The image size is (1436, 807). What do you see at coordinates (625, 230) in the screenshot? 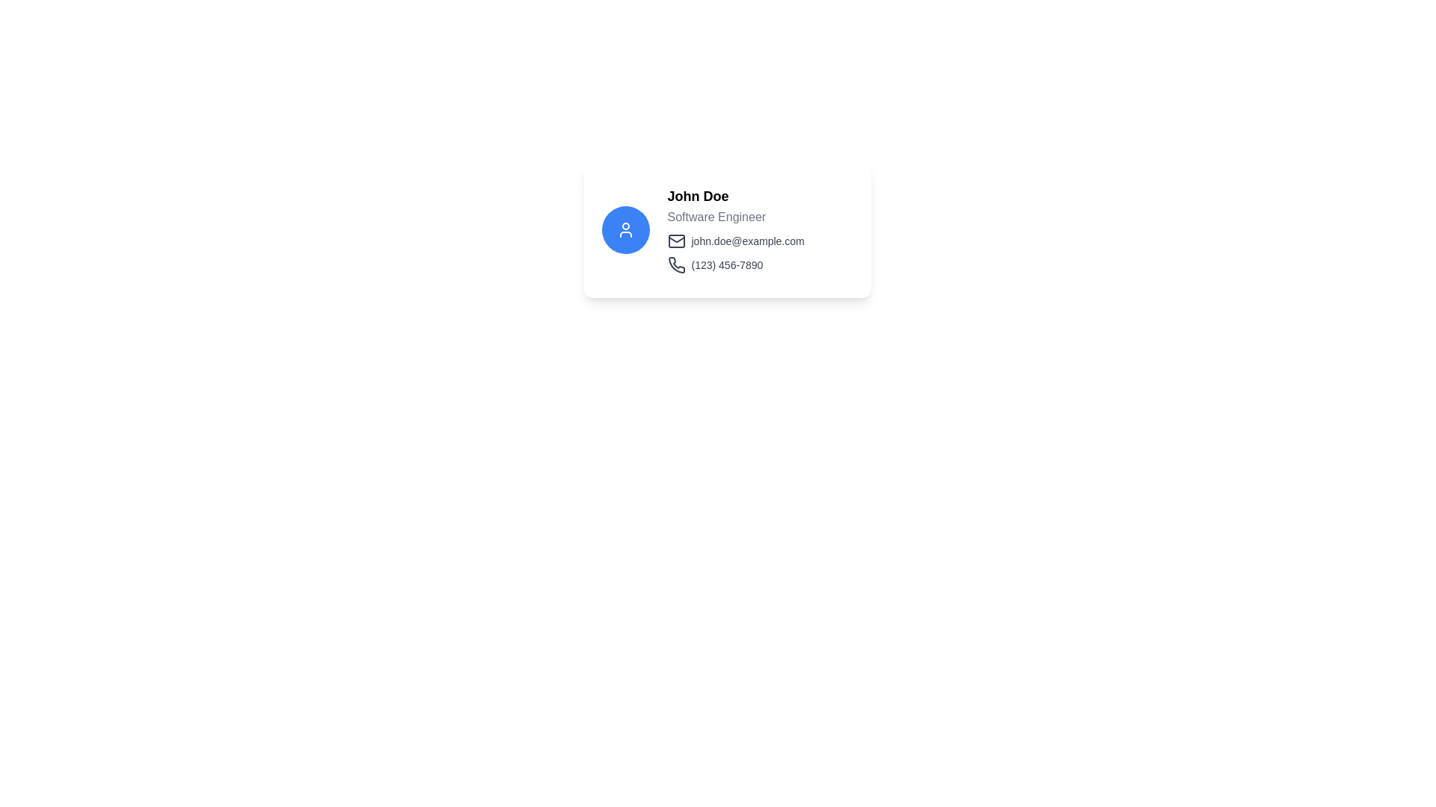
I see `the blue circular icon with a white outline of a person, which is located to the left of the text section in the contact card layout` at bounding box center [625, 230].